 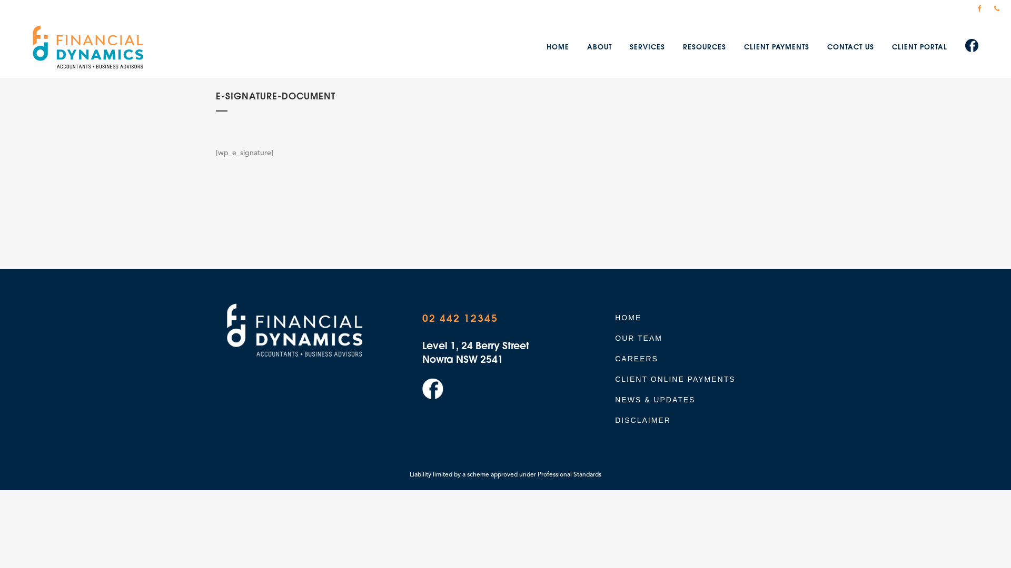 I want to click on 'CLIENT PORTAL', so click(x=919, y=47).